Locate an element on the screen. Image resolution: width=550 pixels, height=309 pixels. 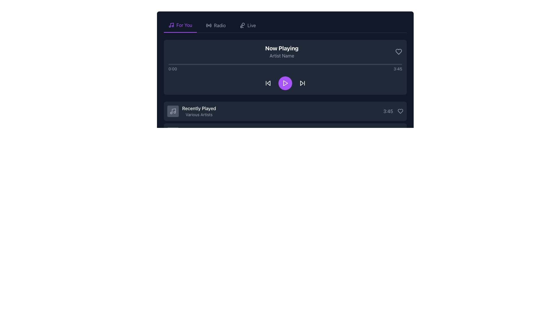
the leftmost icon button in the playback control section to skip to the previous track is located at coordinates (268, 83).